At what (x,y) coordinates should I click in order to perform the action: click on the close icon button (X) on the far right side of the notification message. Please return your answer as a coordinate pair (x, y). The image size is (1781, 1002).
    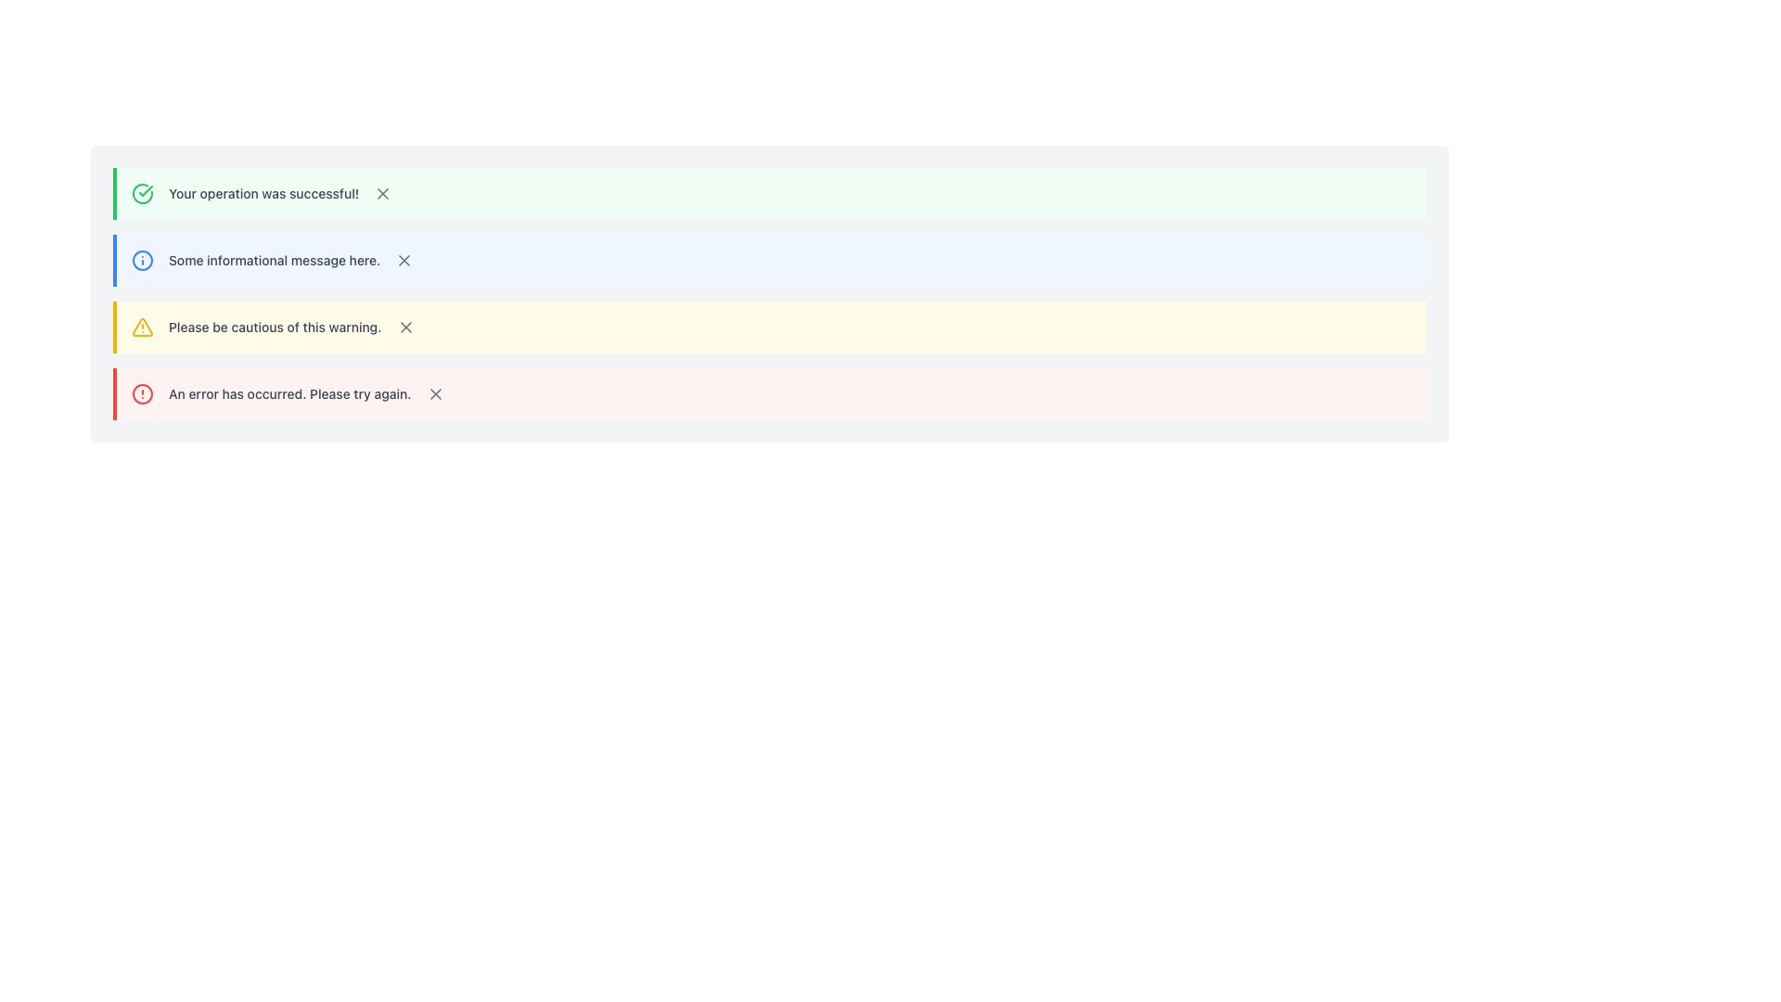
    Looking at the image, I should click on (404, 261).